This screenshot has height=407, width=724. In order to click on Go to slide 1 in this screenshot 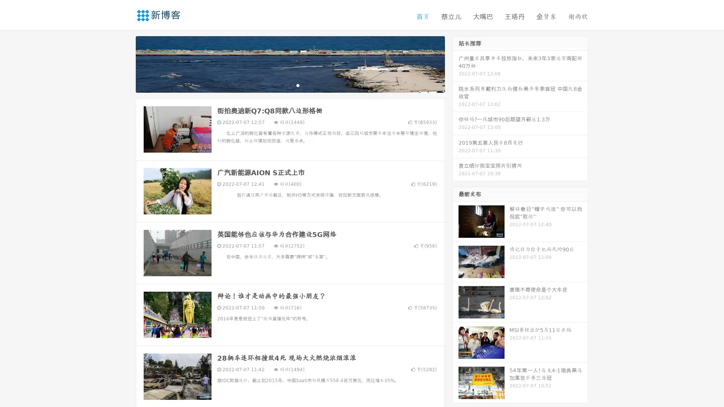, I will do `click(282, 85)`.